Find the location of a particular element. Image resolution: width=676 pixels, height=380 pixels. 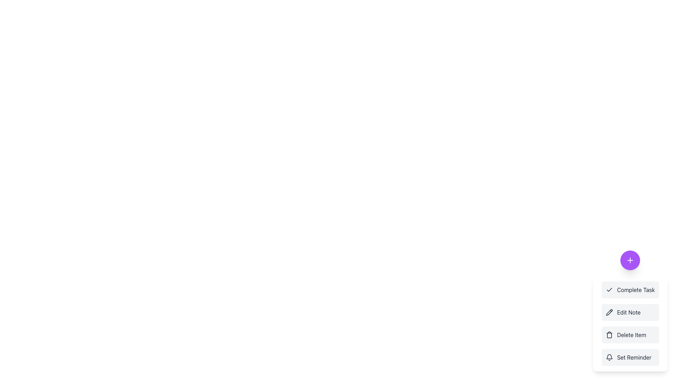

the checkmark SVG icon located within the 'Complete Task' button, which is positioned to the left of the text label is located at coordinates (609, 290).